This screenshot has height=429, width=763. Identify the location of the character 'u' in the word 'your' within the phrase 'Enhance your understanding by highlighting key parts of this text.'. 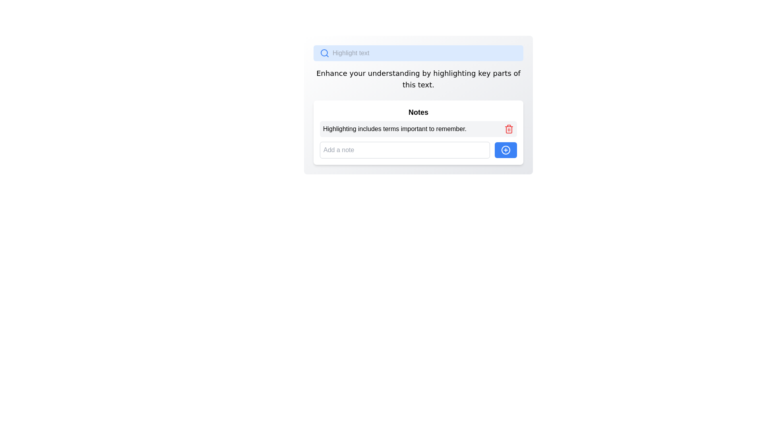
(370, 73).